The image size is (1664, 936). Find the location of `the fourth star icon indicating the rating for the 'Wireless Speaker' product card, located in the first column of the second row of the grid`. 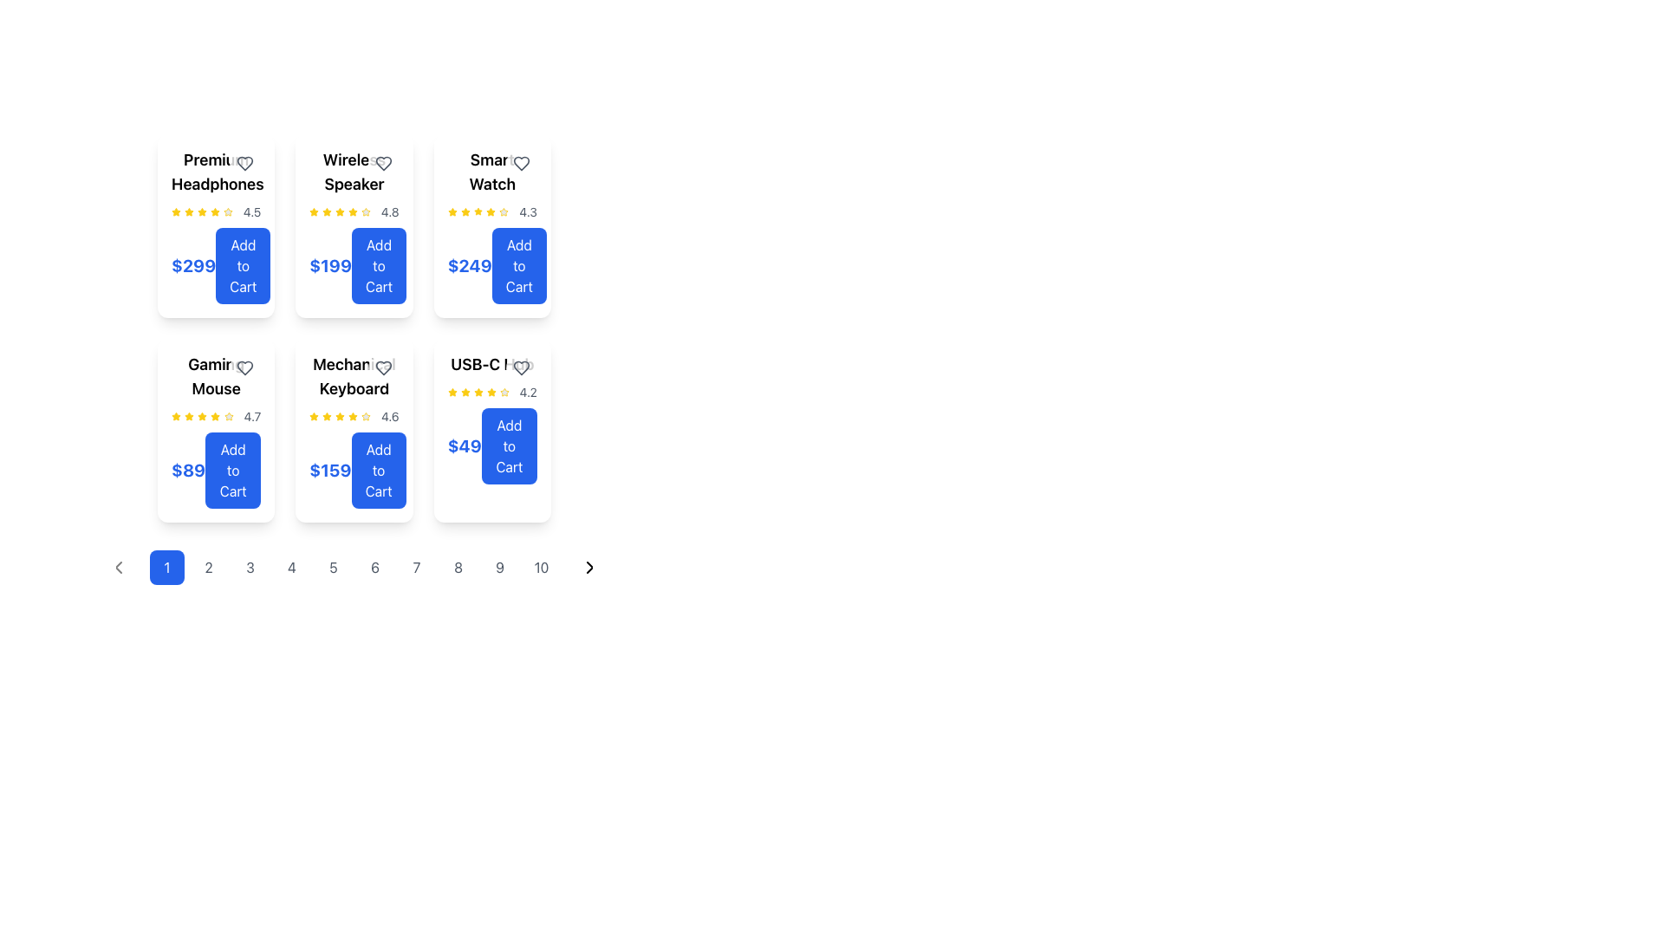

the fourth star icon indicating the rating for the 'Wireless Speaker' product card, located in the first column of the second row of the grid is located at coordinates (340, 211).